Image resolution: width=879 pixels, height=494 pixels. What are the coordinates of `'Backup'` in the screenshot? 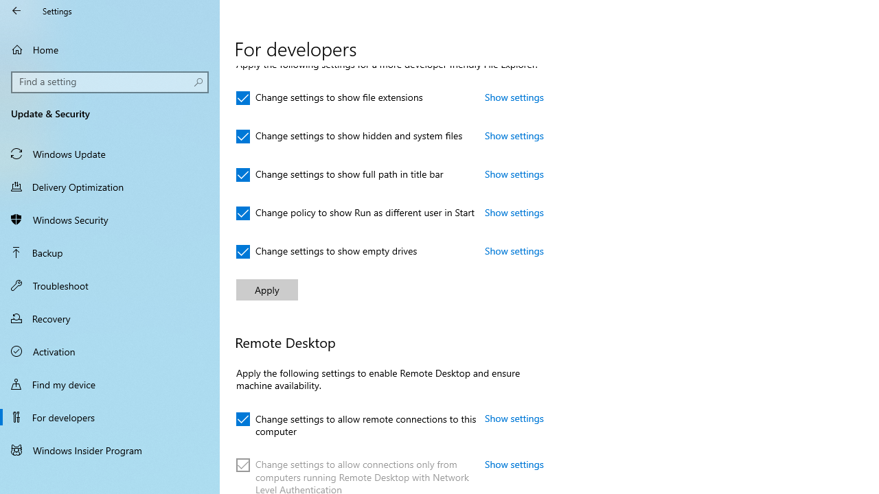 It's located at (110, 252).